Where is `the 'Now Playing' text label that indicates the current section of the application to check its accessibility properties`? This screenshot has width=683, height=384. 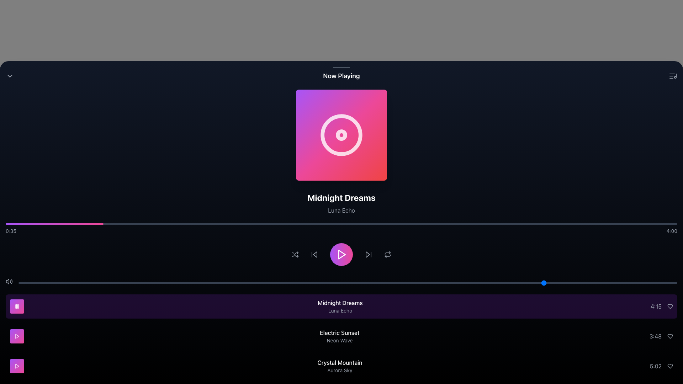
the 'Now Playing' text label that indicates the current section of the application to check its accessibility properties is located at coordinates (341, 76).